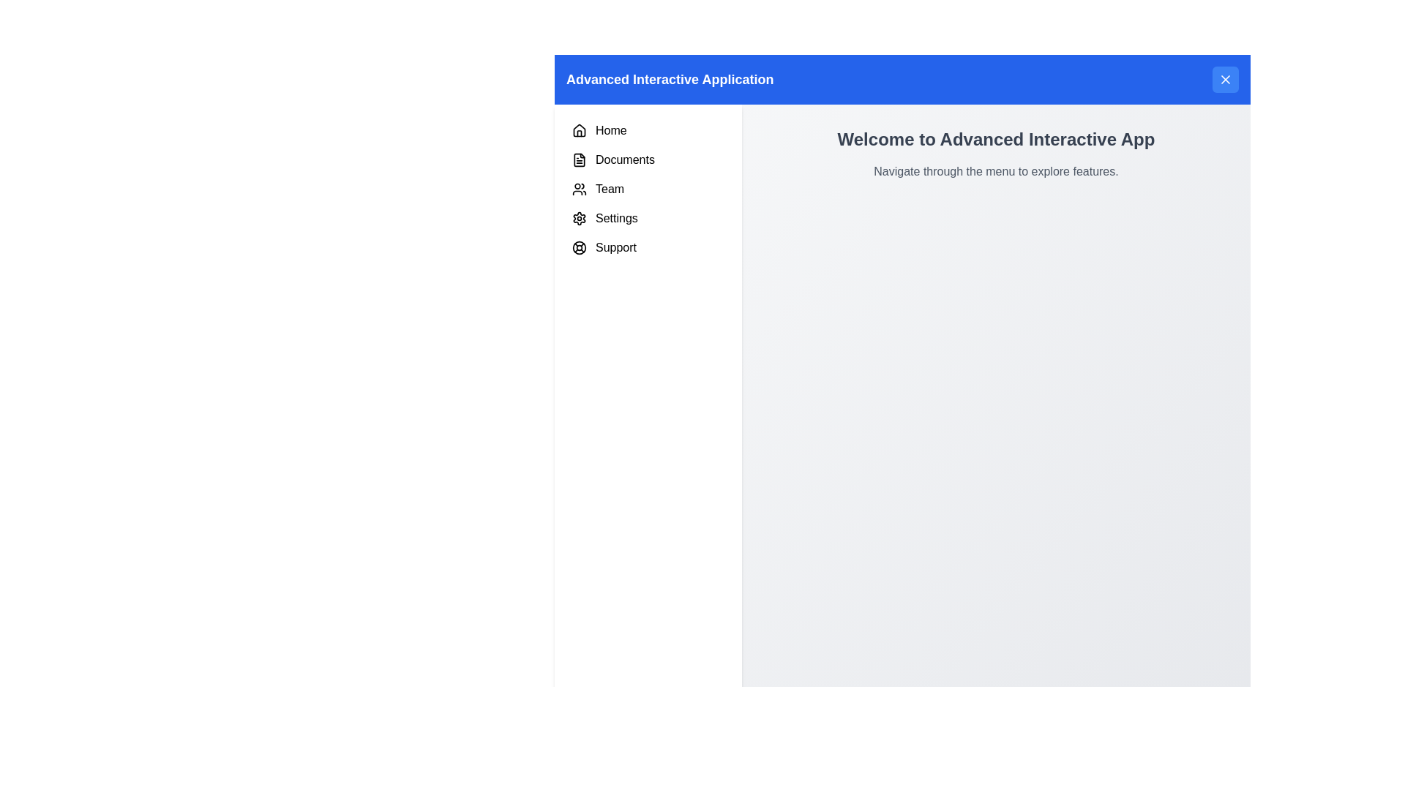 The height and width of the screenshot is (790, 1405). Describe the element at coordinates (579, 129) in the screenshot. I see `the small house icon in the sidebar menu next to the 'Home' text label` at that location.